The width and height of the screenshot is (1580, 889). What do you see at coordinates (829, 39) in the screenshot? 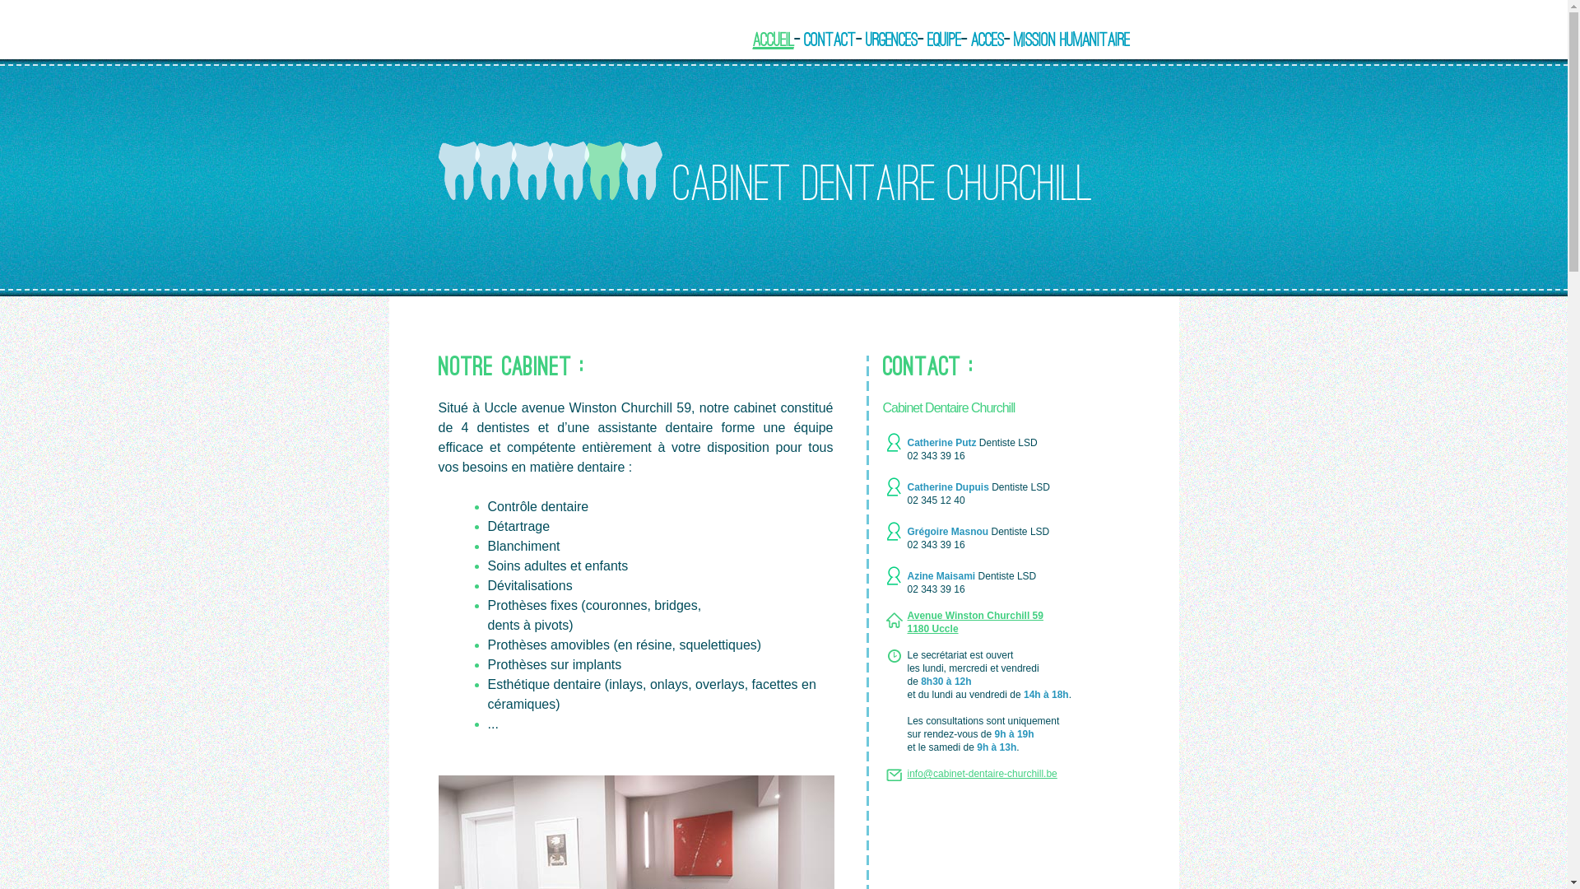
I see `'Contact'` at bounding box center [829, 39].